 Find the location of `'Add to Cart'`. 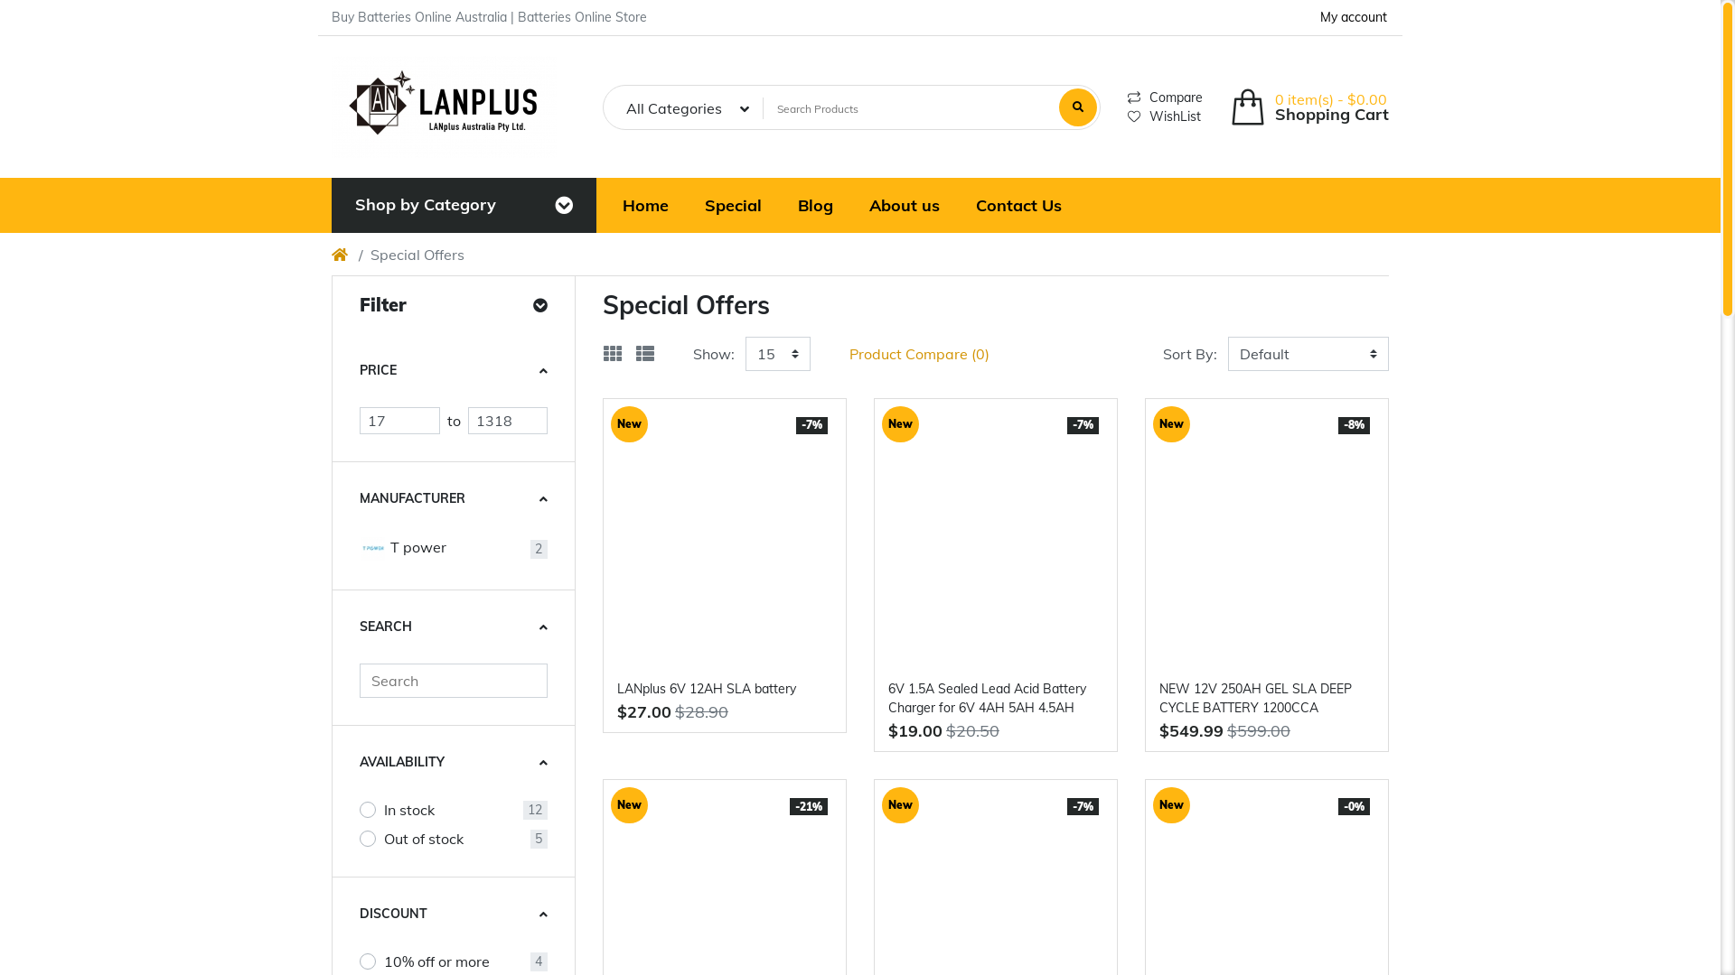

'Add to Cart' is located at coordinates (666, 762).